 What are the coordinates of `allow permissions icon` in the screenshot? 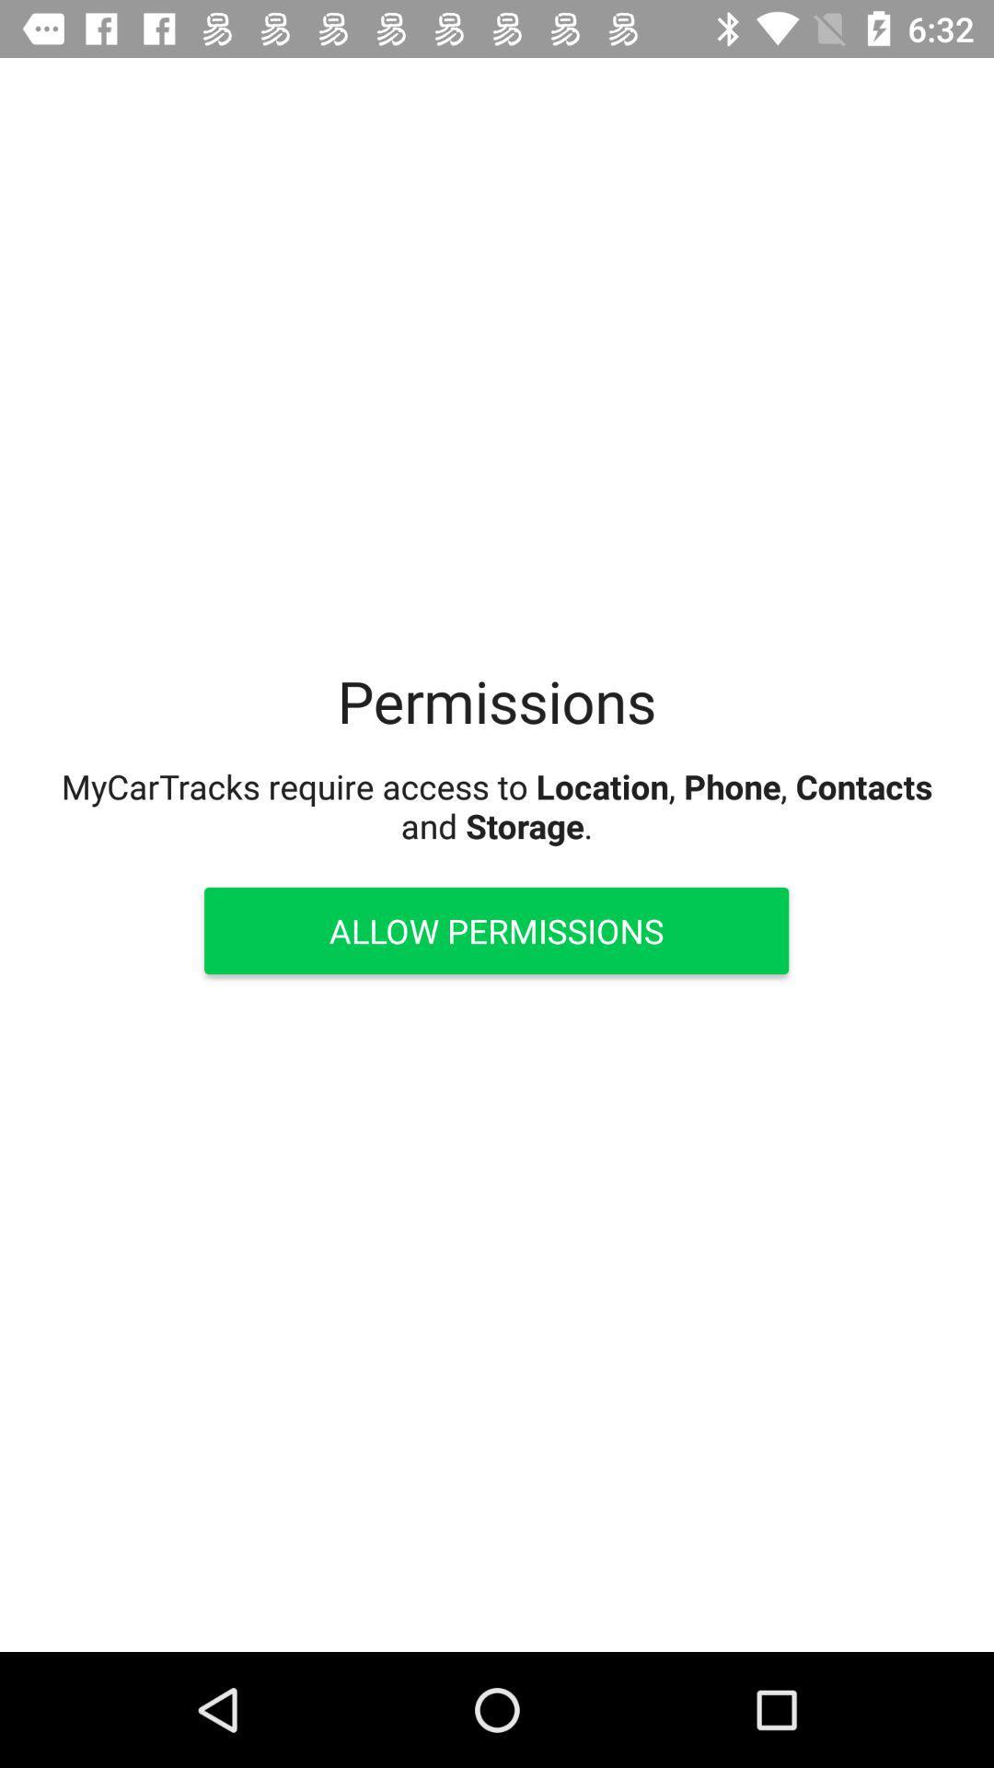 It's located at (495, 931).